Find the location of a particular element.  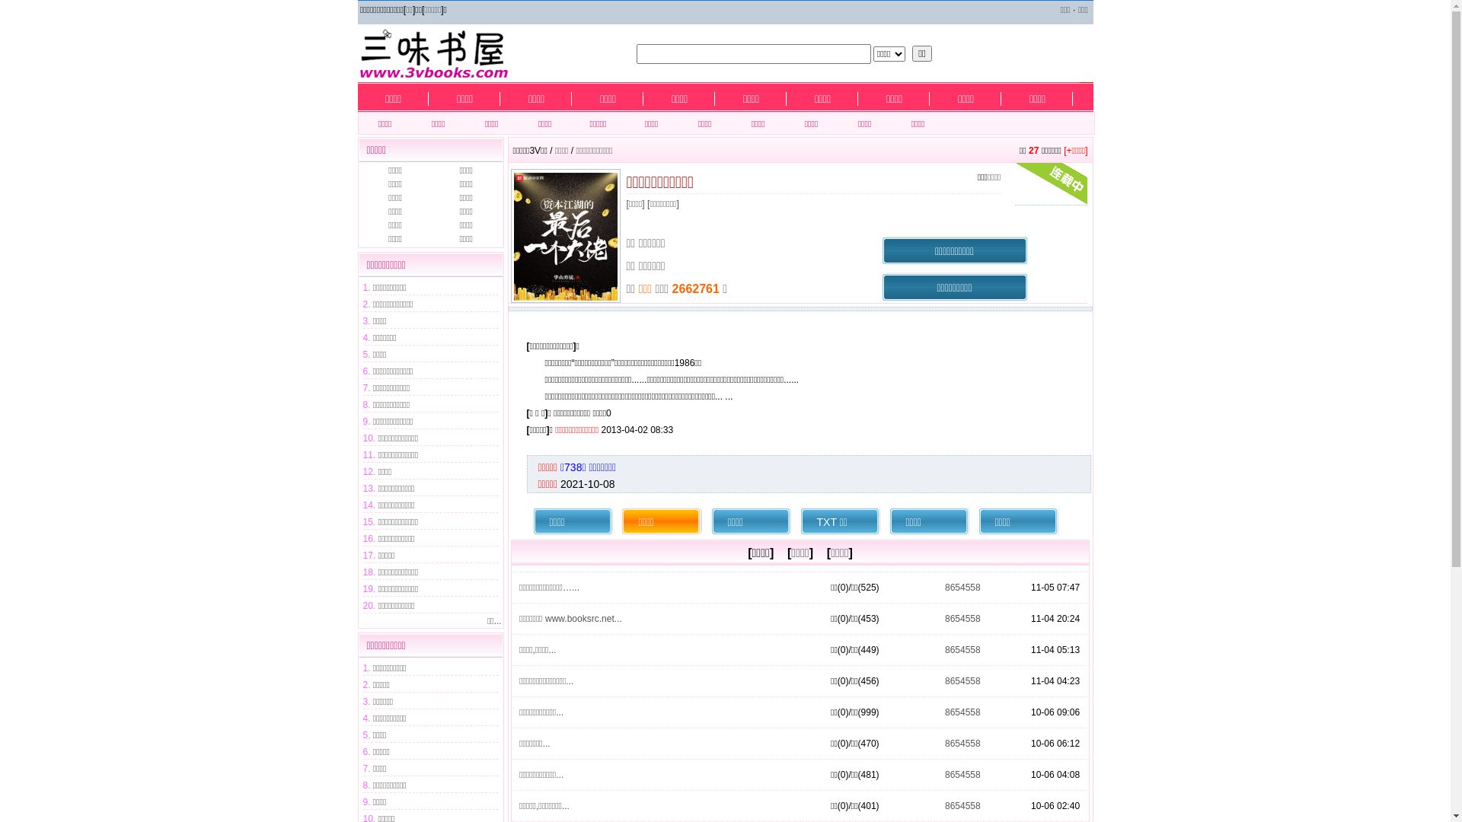

'8654558' is located at coordinates (962, 680).